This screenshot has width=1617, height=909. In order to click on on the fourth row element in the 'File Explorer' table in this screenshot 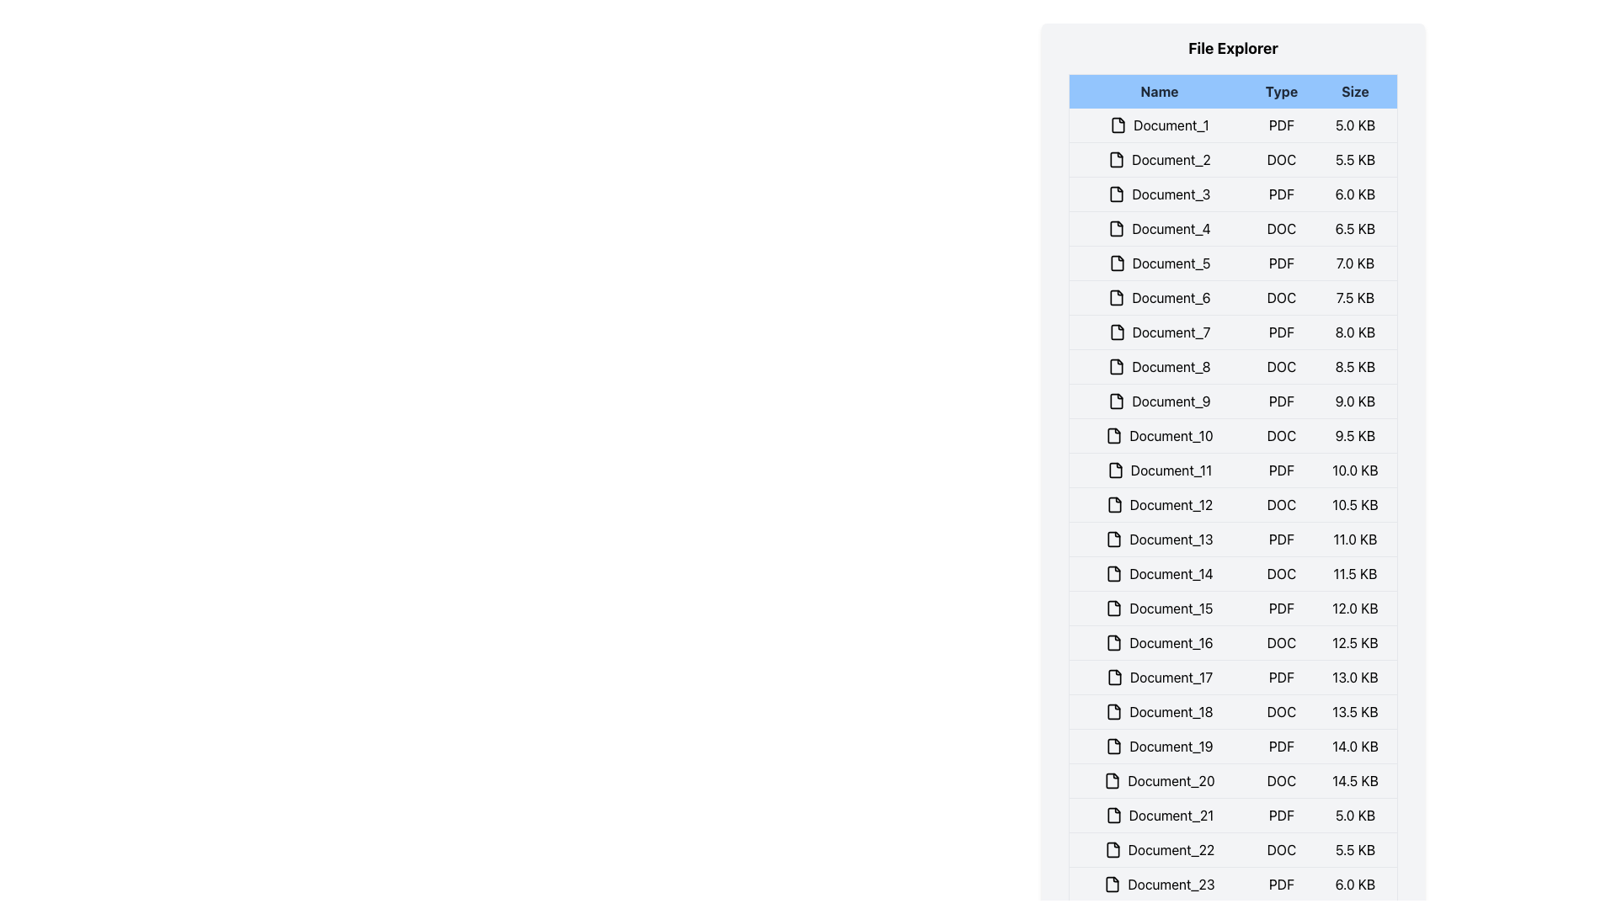, I will do `click(1233, 229)`.